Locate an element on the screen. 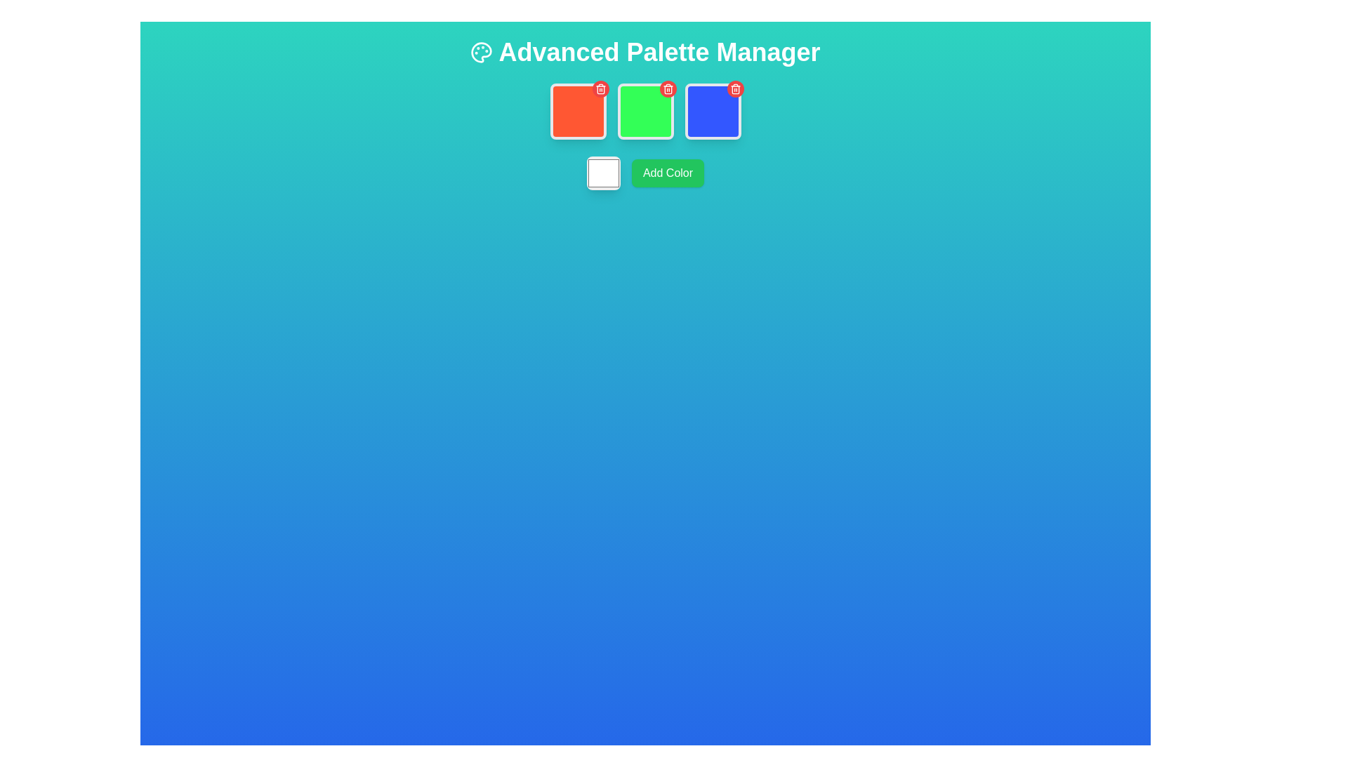 The height and width of the screenshot is (758, 1348). the bright green color representation block, which is the second block in a horizontal row of three color blocks is located at coordinates (645, 110).